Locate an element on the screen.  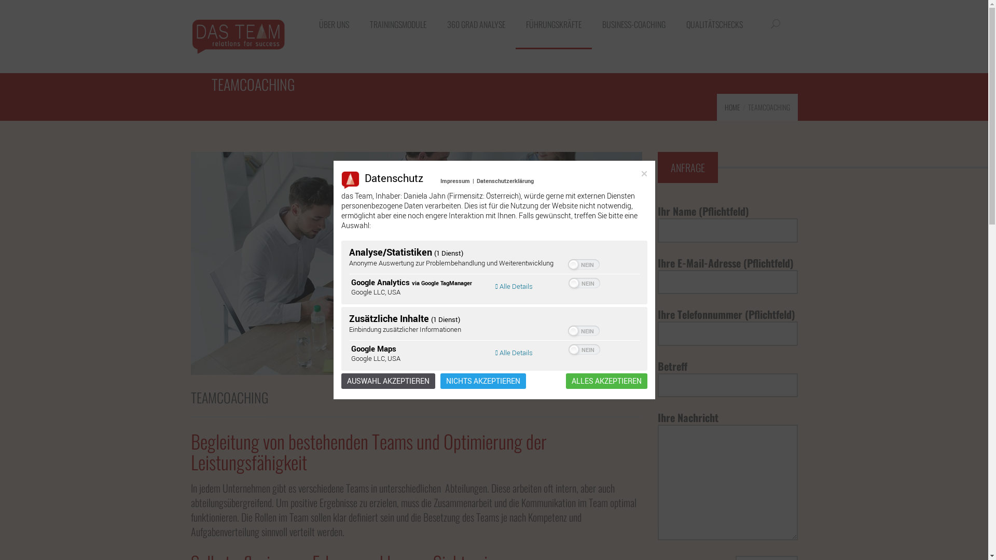
'HOME' is located at coordinates (731, 107).